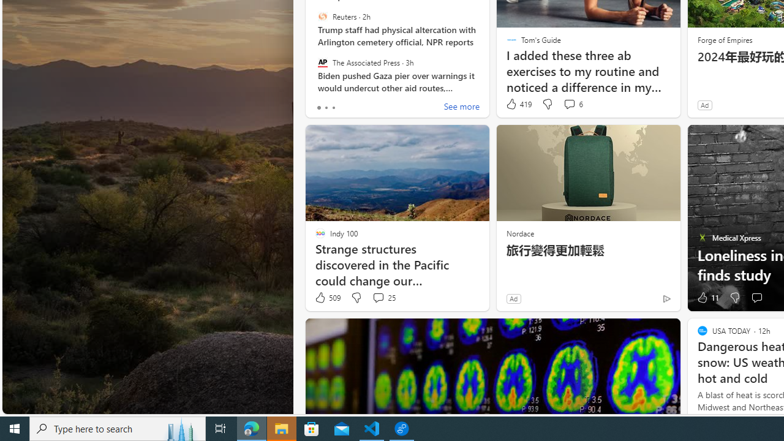 This screenshot has height=441, width=784. What do you see at coordinates (322, 17) in the screenshot?
I see `'Reuters'` at bounding box center [322, 17].